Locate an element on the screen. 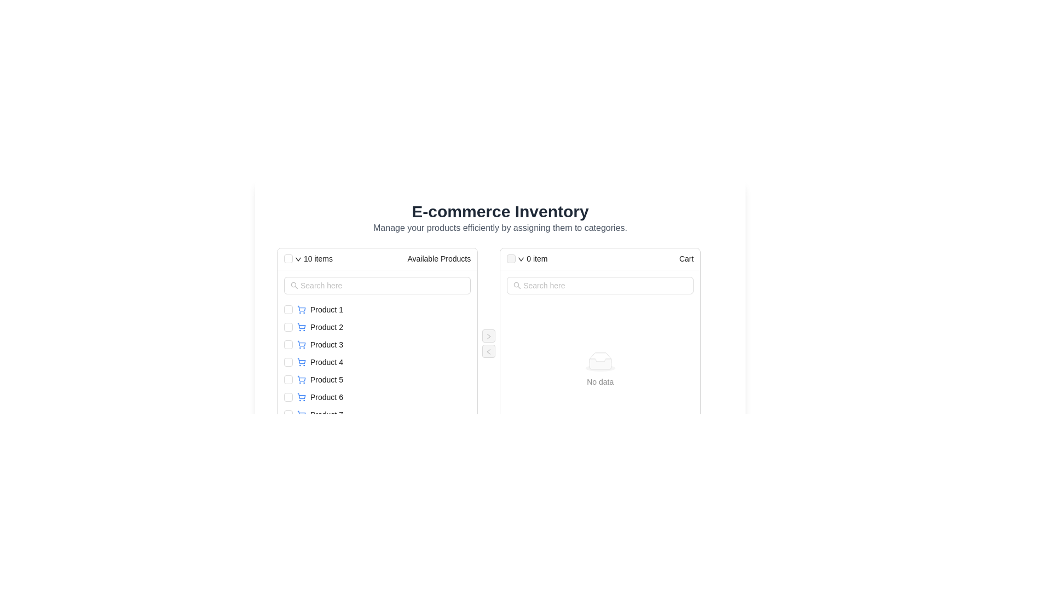 The image size is (1051, 591). the list item labeled 'Product 7' with a shopping cart icon from its current position is located at coordinates (384, 415).